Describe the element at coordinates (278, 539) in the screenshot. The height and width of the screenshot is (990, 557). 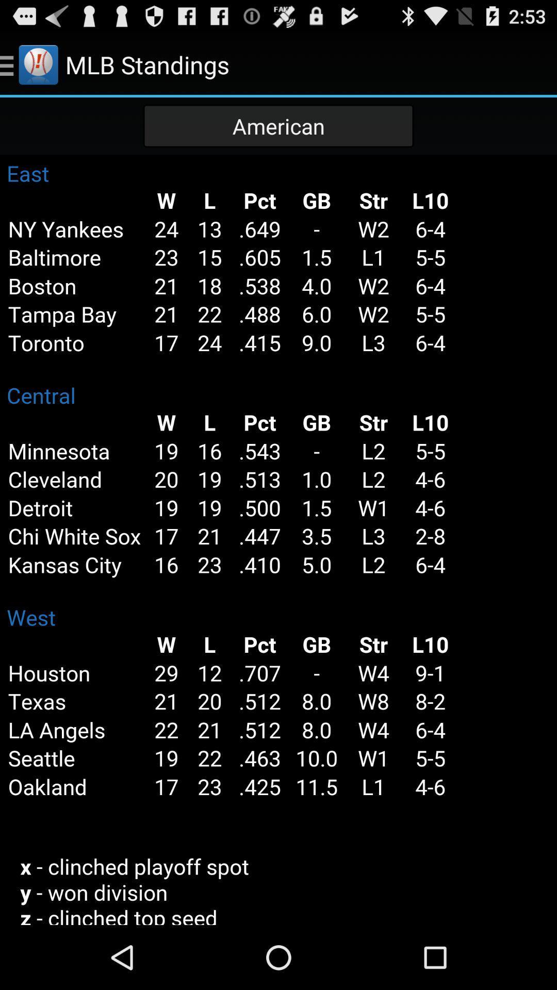
I see `team standing table` at that location.